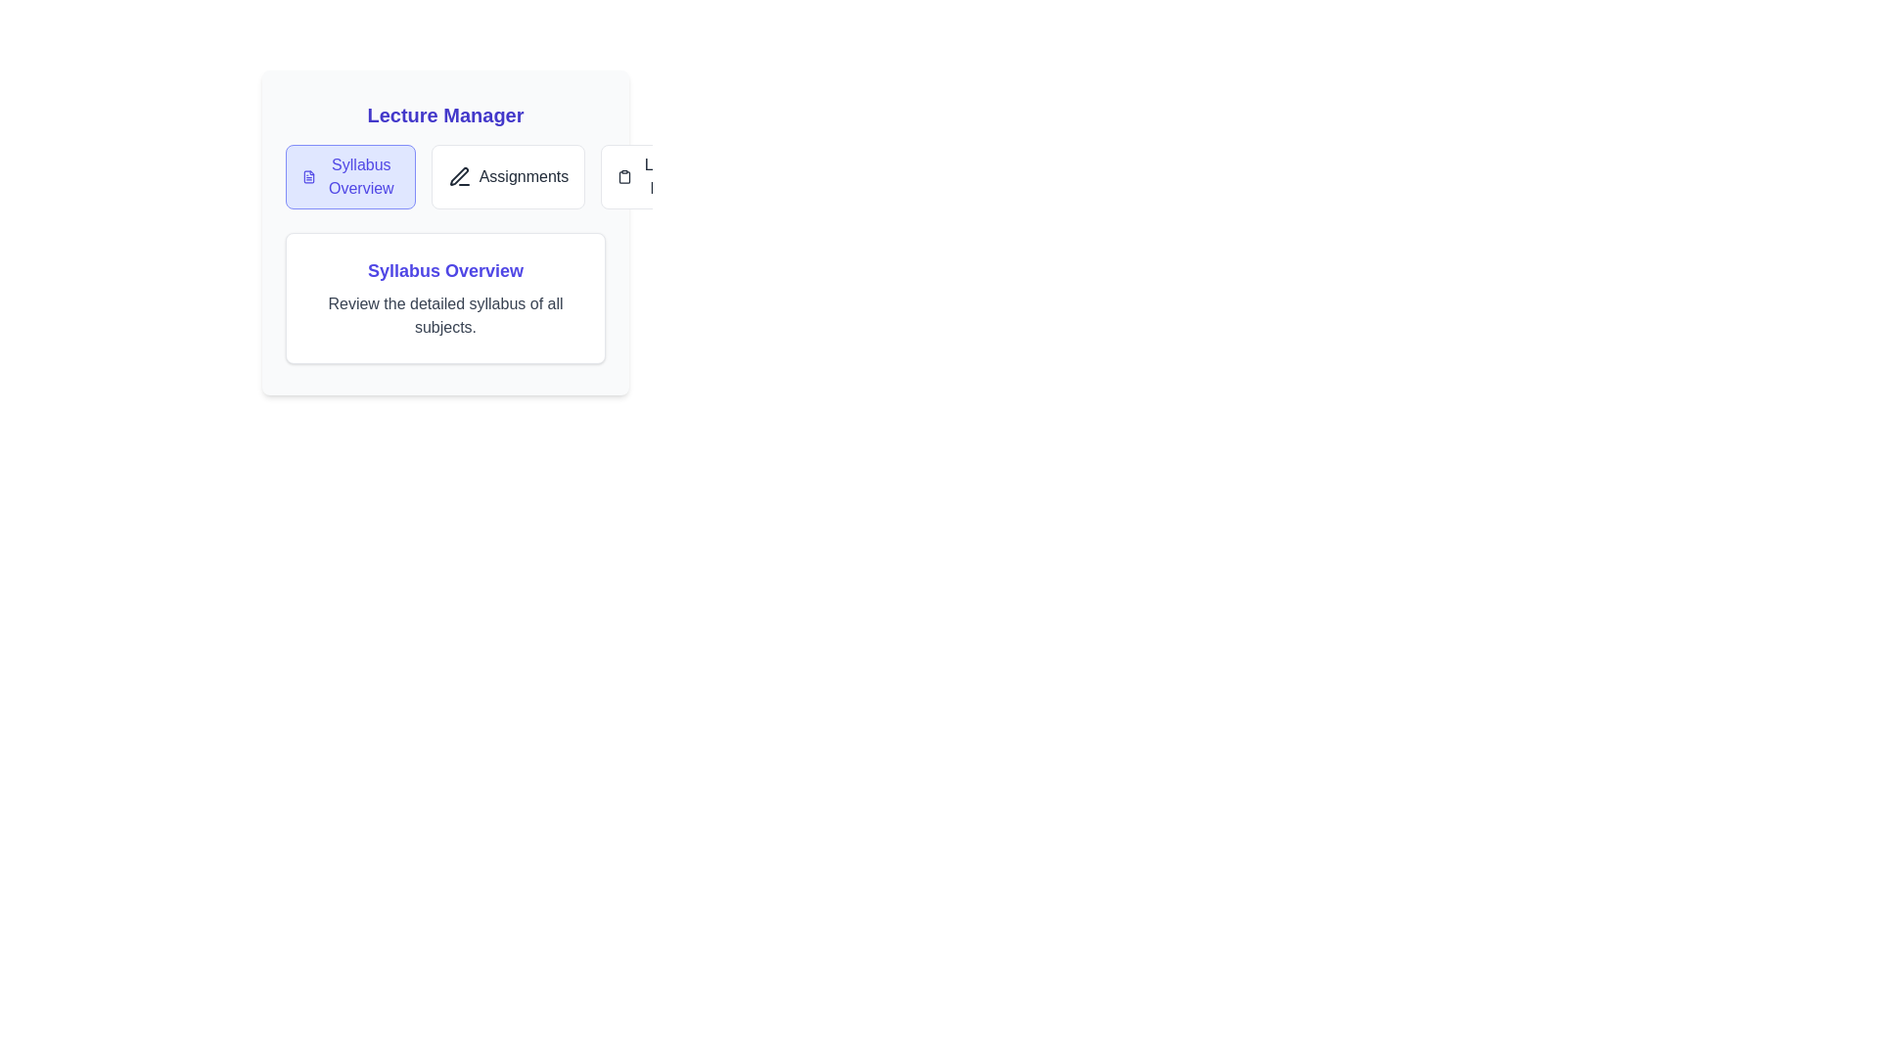 The height and width of the screenshot is (1057, 1879). What do you see at coordinates (444, 271) in the screenshot?
I see `the Text or Header element located at the top of the white card` at bounding box center [444, 271].